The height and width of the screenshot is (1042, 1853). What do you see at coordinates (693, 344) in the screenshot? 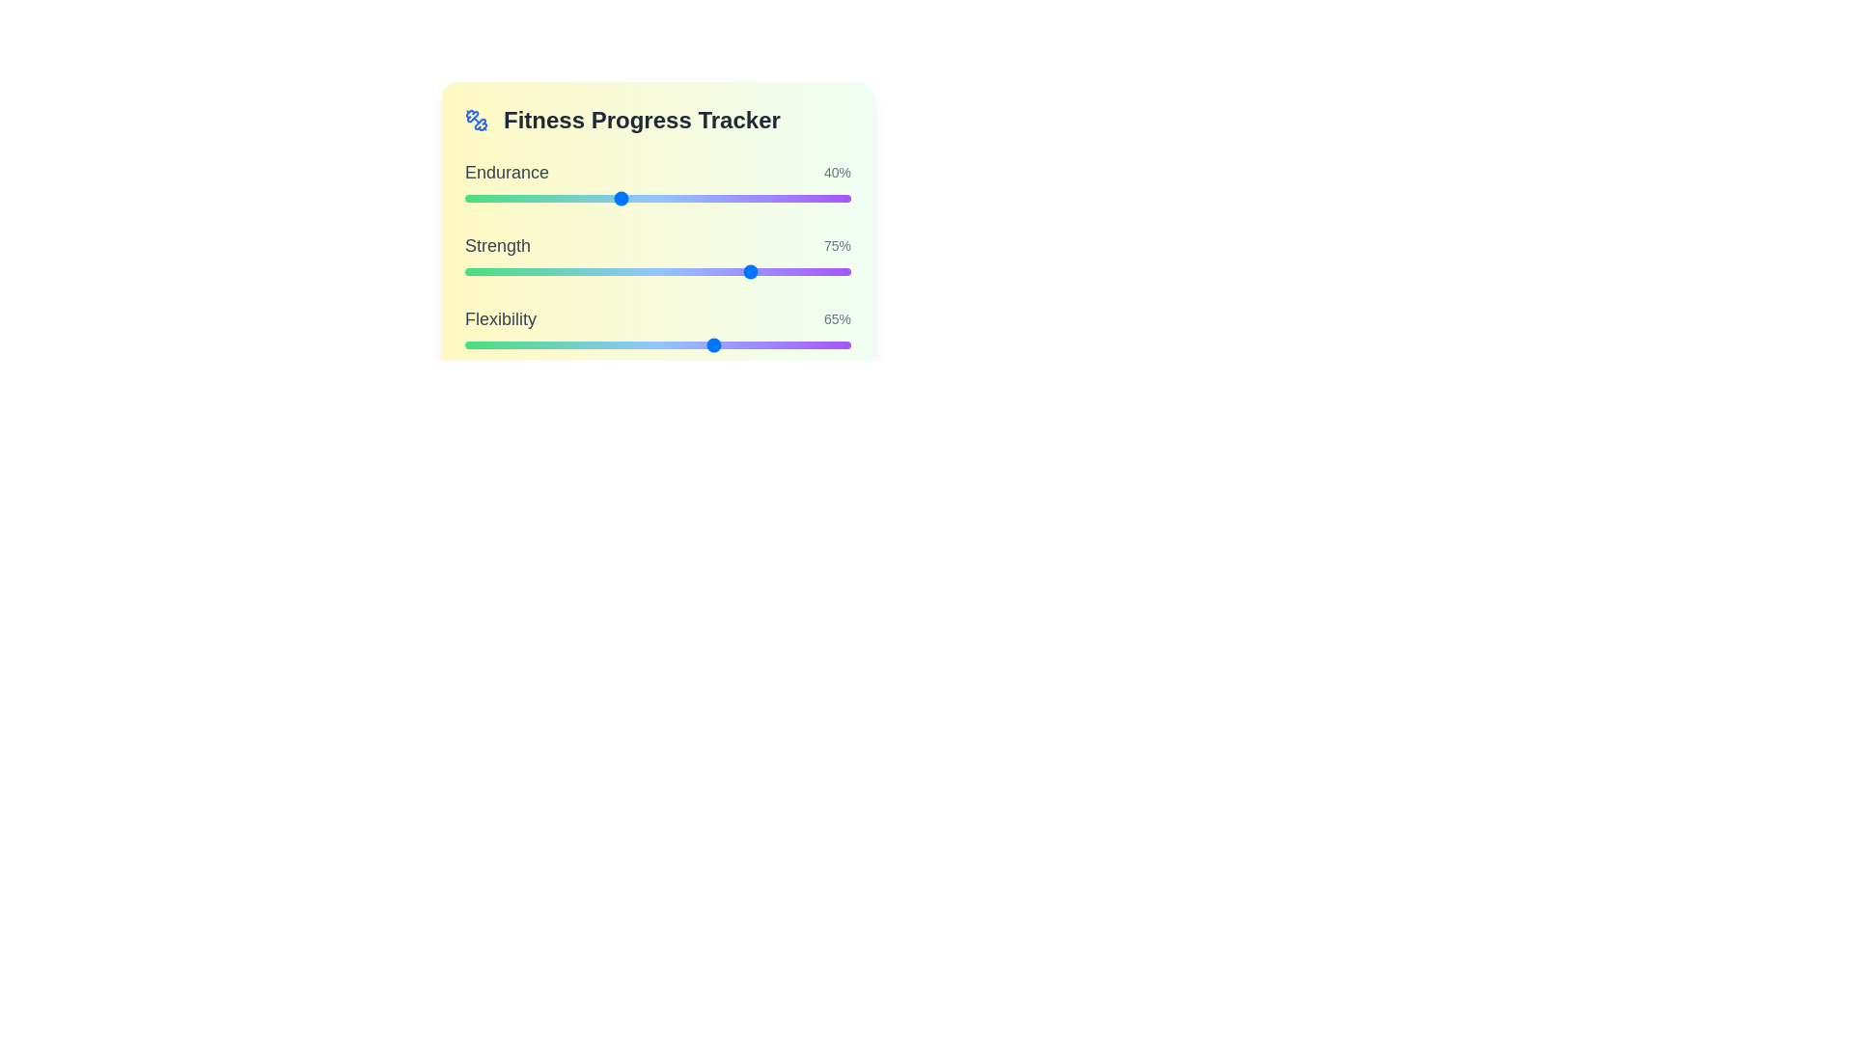
I see `flexibility percentage` at bounding box center [693, 344].